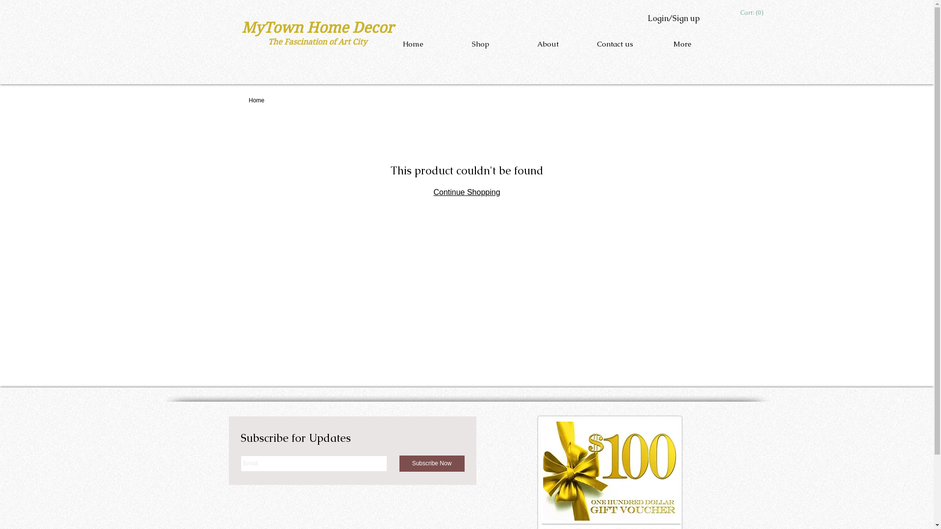 This screenshot has width=941, height=529. Describe the element at coordinates (672, 19) in the screenshot. I see `'Login/Sign up'` at that location.